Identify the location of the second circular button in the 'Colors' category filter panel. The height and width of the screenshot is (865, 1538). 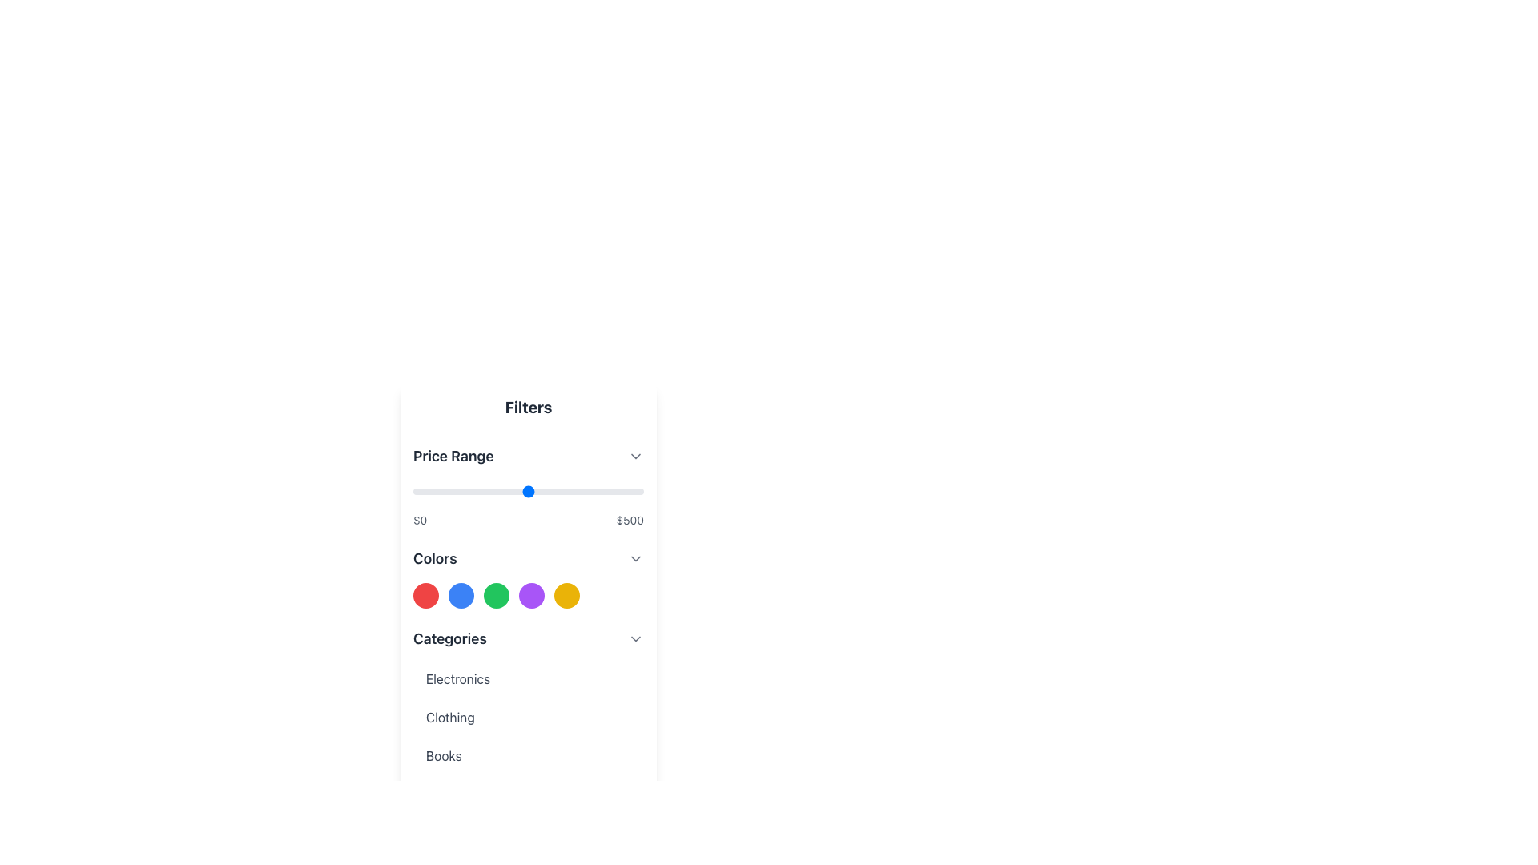
(461, 596).